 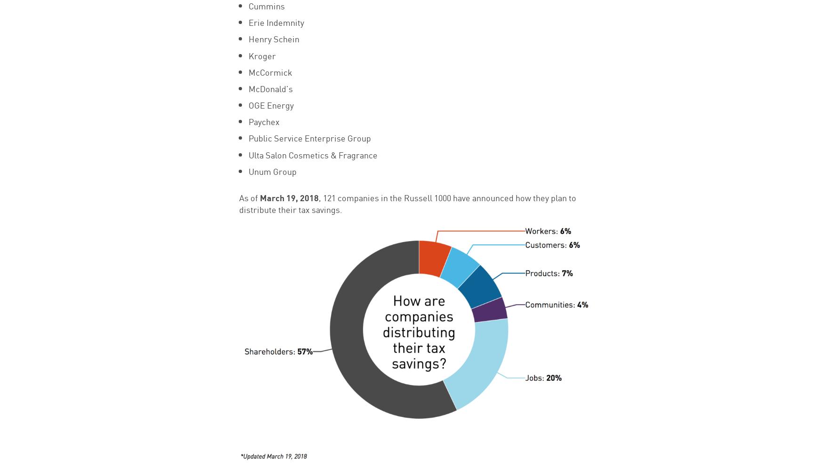 I want to click on 'As of', so click(x=248, y=197).